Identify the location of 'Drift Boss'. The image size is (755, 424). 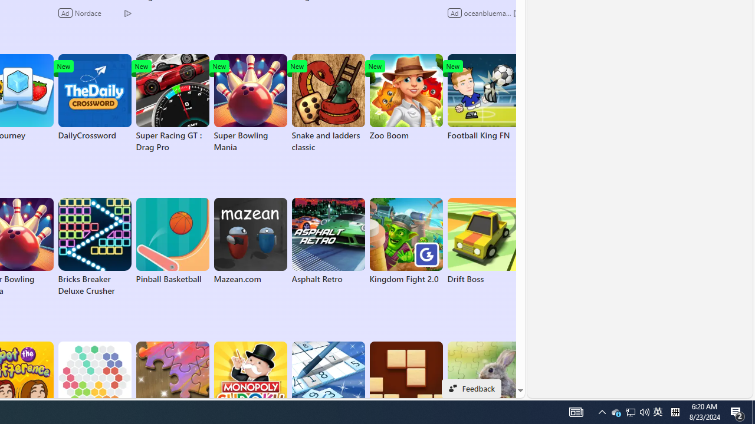
(484, 241).